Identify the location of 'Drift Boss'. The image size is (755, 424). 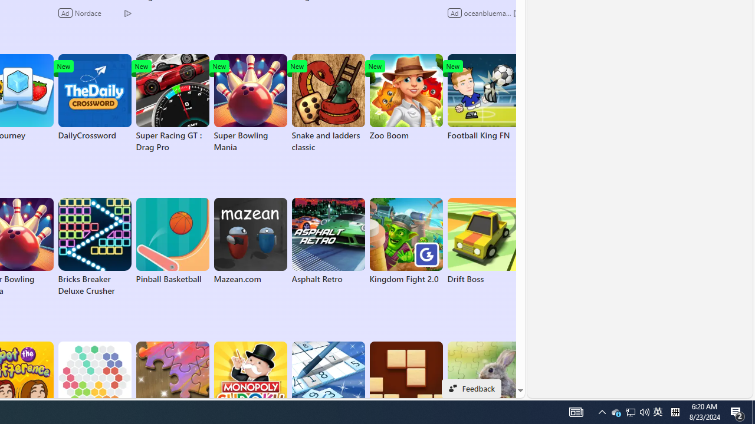
(484, 241).